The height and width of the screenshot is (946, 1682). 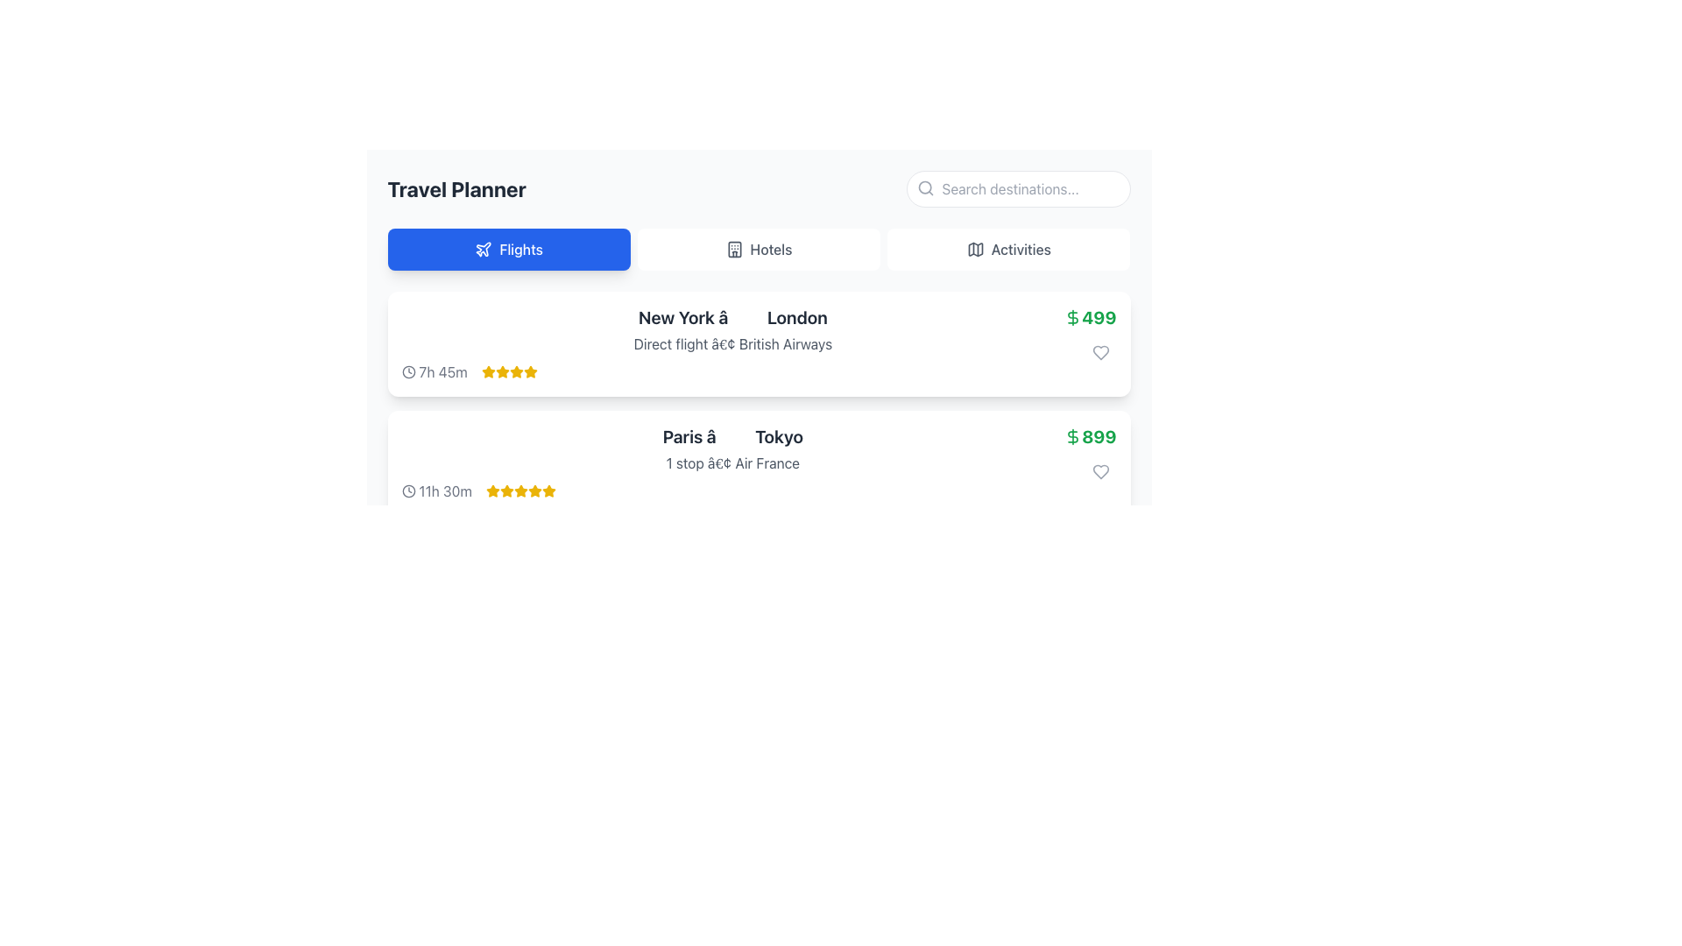 I want to click on the decorative flight icon located at the center of the 'Flights' button in the navigation bar, which is surrounded by a blue background, so click(x=484, y=249).